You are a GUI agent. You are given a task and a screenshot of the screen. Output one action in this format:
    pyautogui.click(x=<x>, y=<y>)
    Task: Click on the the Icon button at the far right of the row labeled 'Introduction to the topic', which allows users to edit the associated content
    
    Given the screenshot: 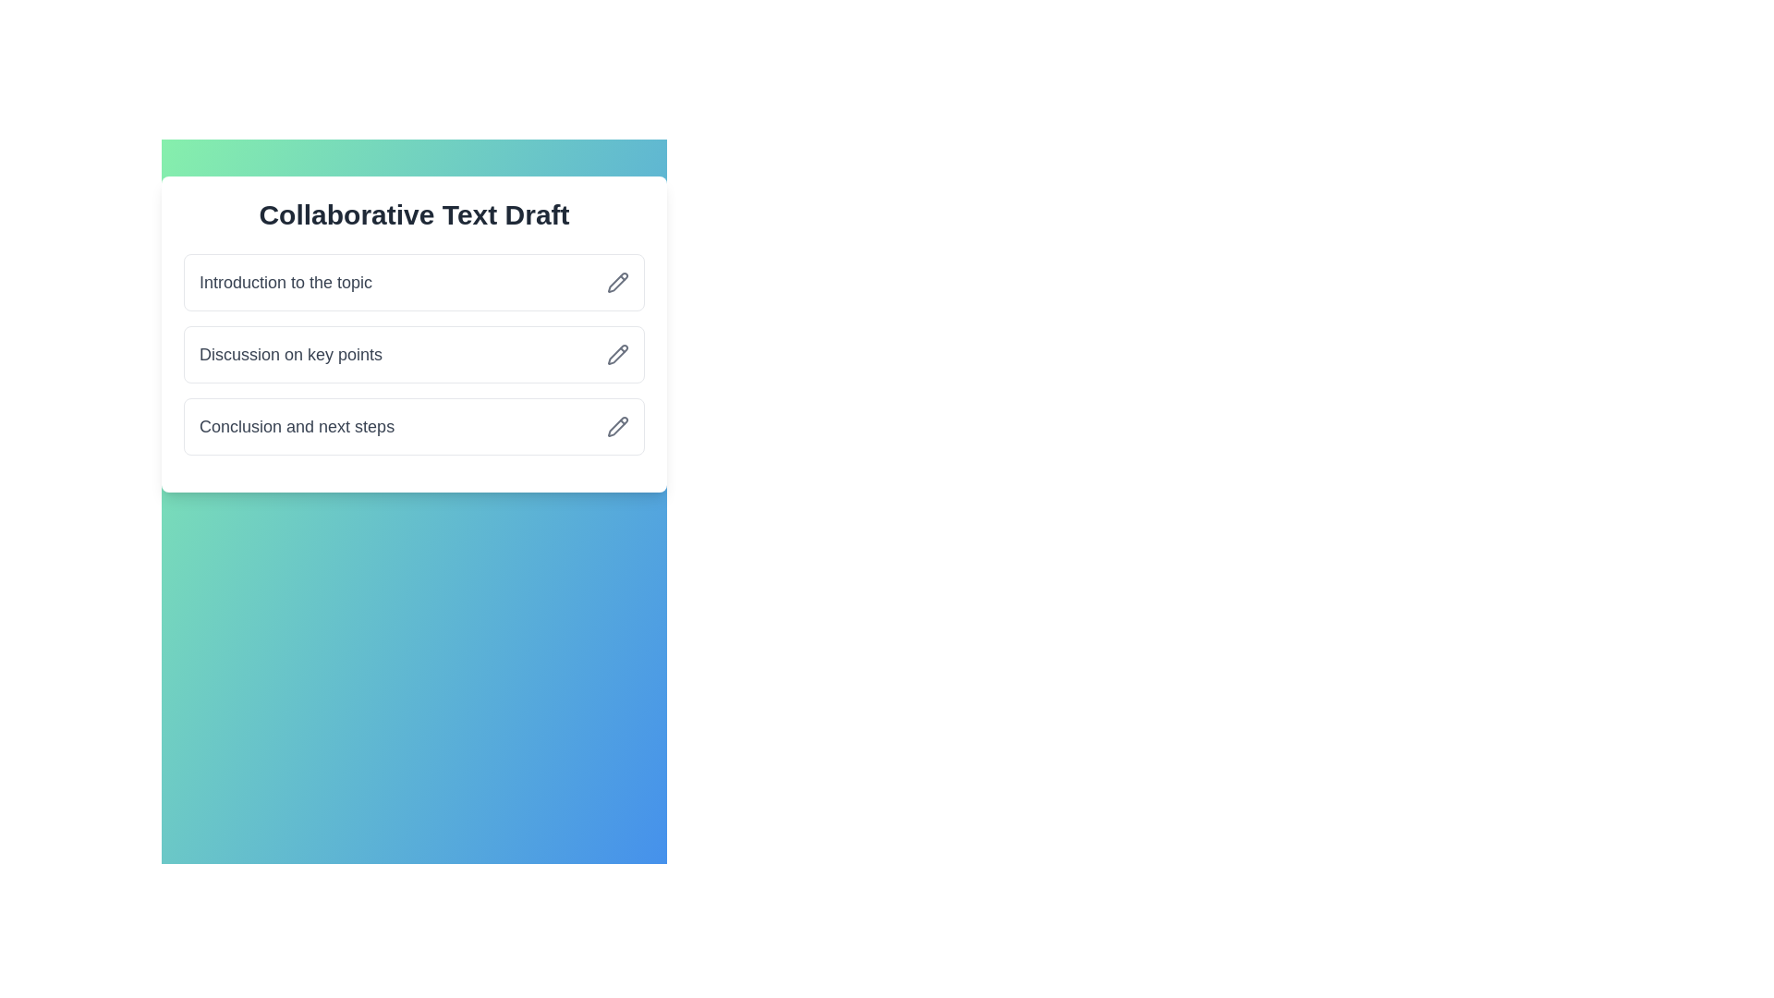 What is the action you would take?
    pyautogui.click(x=617, y=282)
    